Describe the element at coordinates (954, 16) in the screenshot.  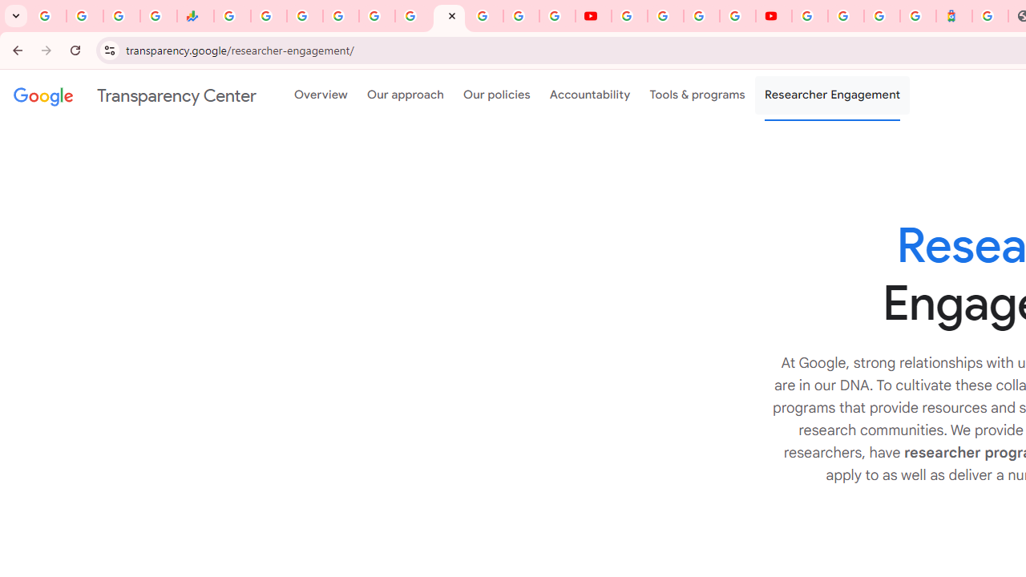
I see `'Atour Hotel - Google hotels'` at that location.